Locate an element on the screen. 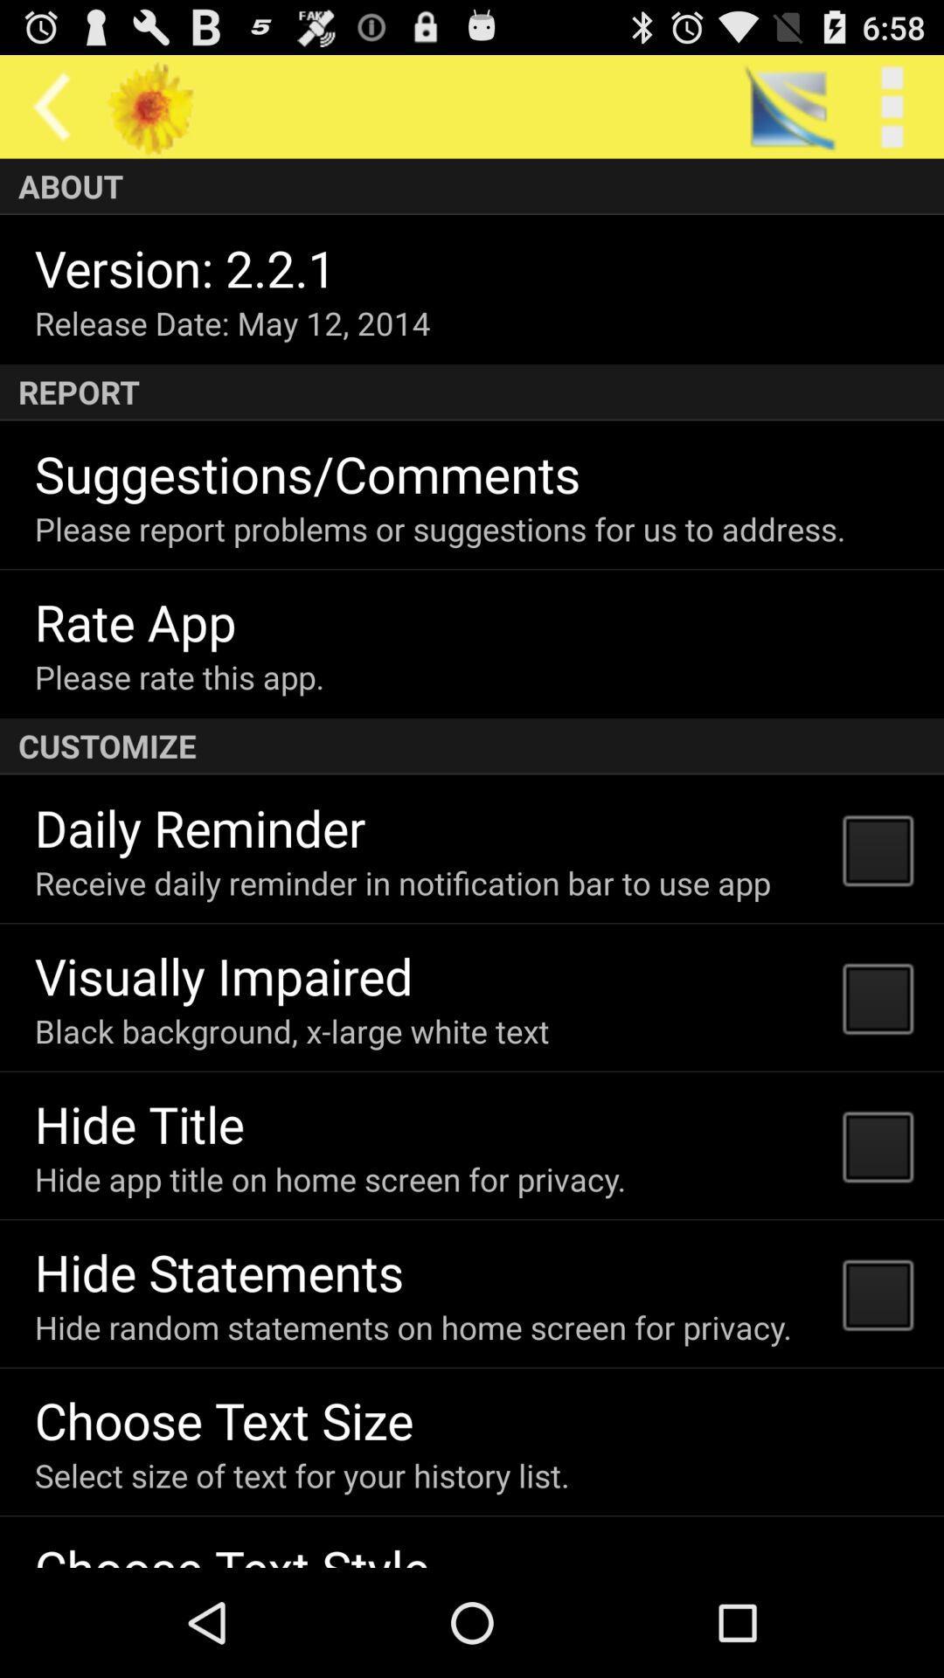  customize icon is located at coordinates (472, 746).